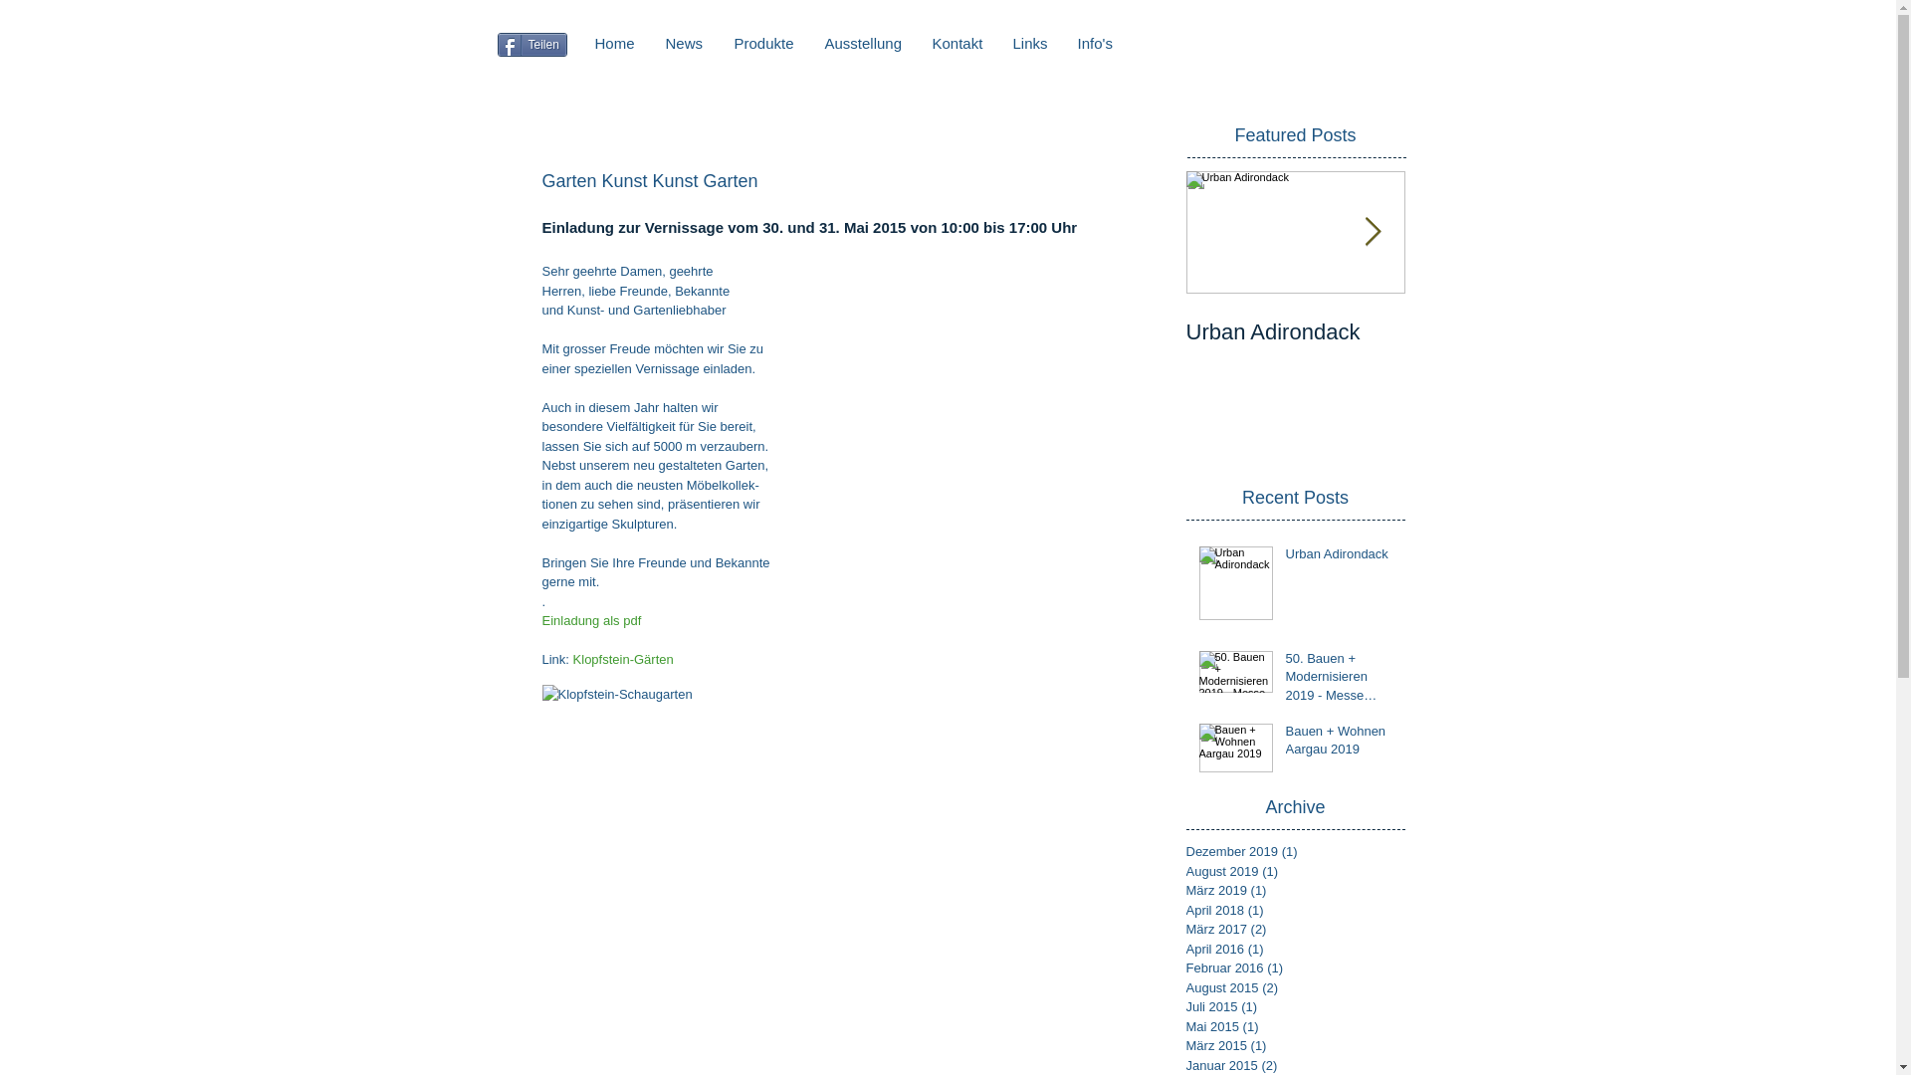  Describe the element at coordinates (1733, 331) in the screenshot. I see `'WOHGA ZUG 2016'` at that location.